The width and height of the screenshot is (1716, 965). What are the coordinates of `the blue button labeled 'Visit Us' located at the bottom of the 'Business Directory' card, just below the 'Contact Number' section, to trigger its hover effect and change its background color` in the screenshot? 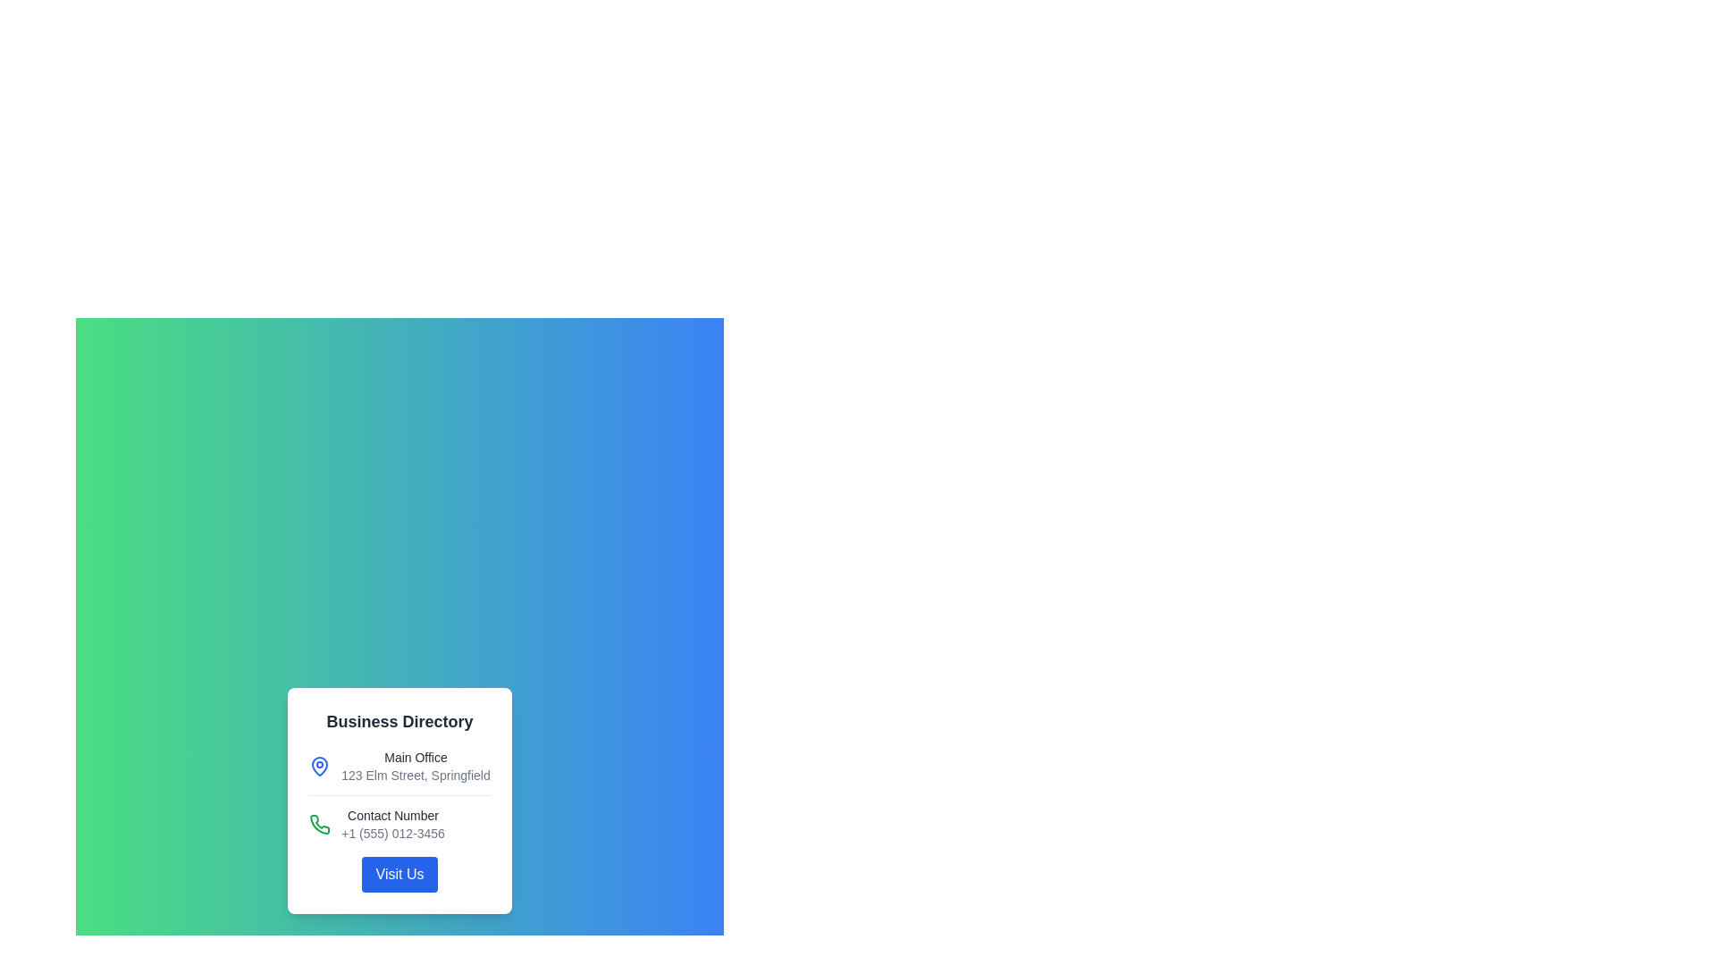 It's located at (399, 873).